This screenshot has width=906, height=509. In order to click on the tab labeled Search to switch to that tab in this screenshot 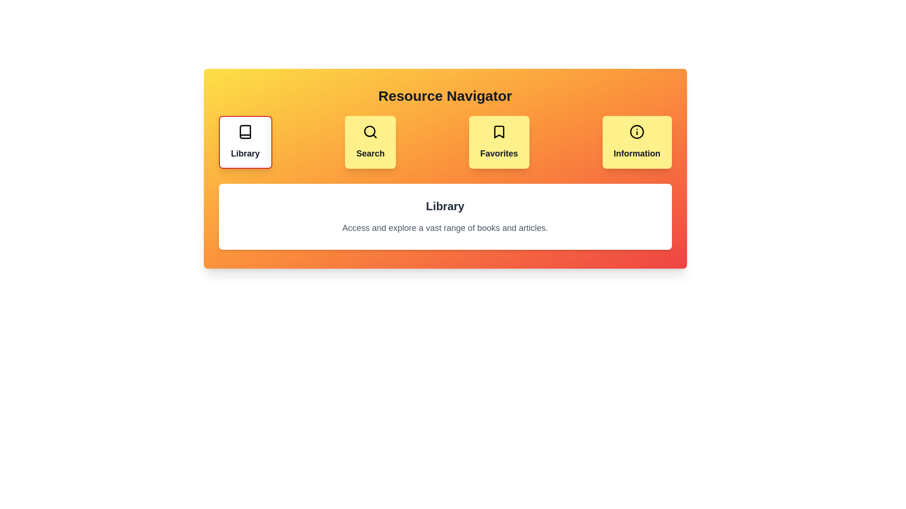, I will do `click(370, 142)`.